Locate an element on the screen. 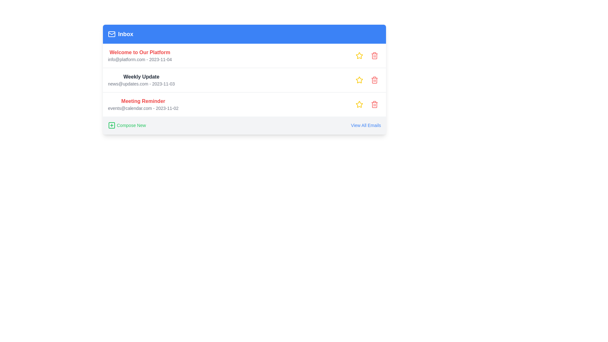 This screenshot has width=608, height=342. the second email entry in the list, which displays the email's subject, sender, and date received is located at coordinates (244, 79).